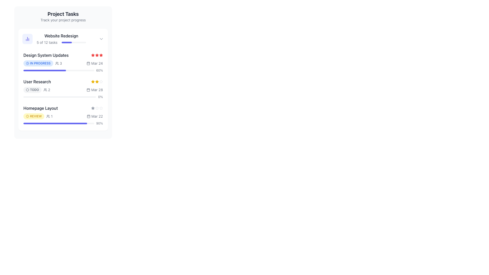 The height and width of the screenshot is (275, 489). I want to click on the small, yellow, star-shaped icon located in the 'User Research' section of the task list, so click(97, 81).